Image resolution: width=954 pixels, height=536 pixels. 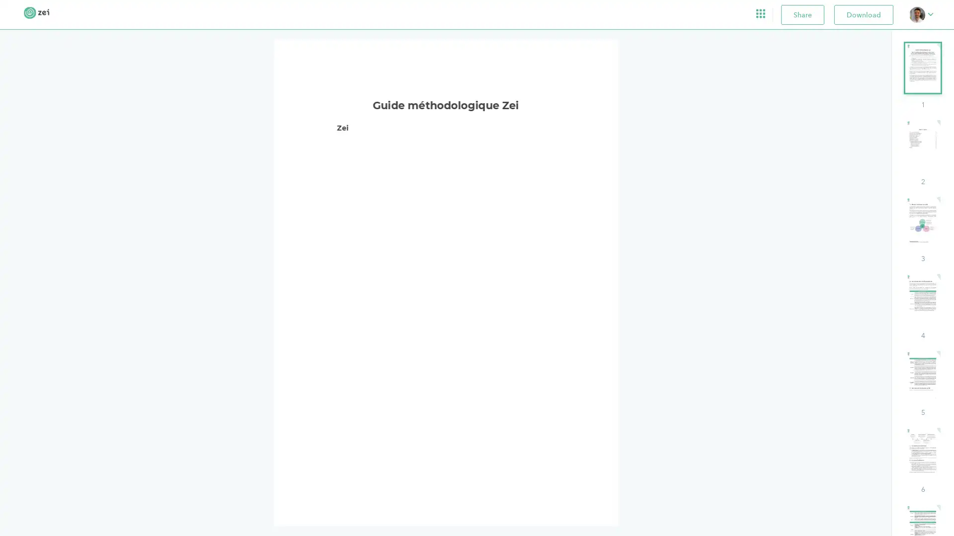 I want to click on Access a shareable link for this document, so click(x=802, y=14).